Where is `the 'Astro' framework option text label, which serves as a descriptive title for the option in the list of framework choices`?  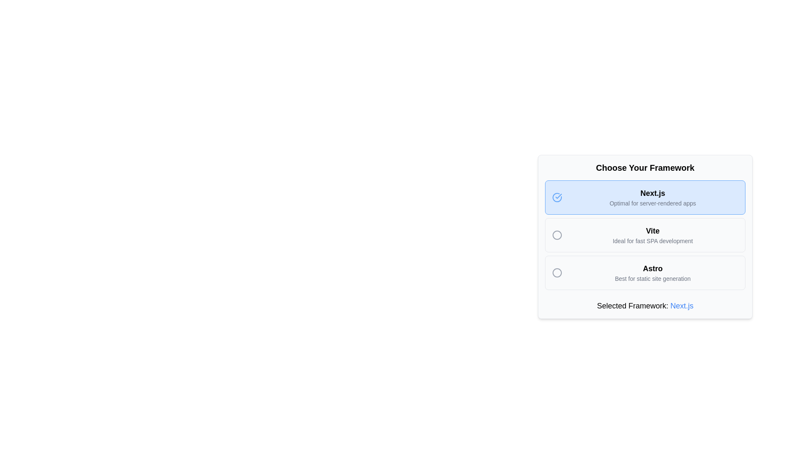
the 'Astro' framework option text label, which serves as a descriptive title for the option in the list of framework choices is located at coordinates (652, 268).